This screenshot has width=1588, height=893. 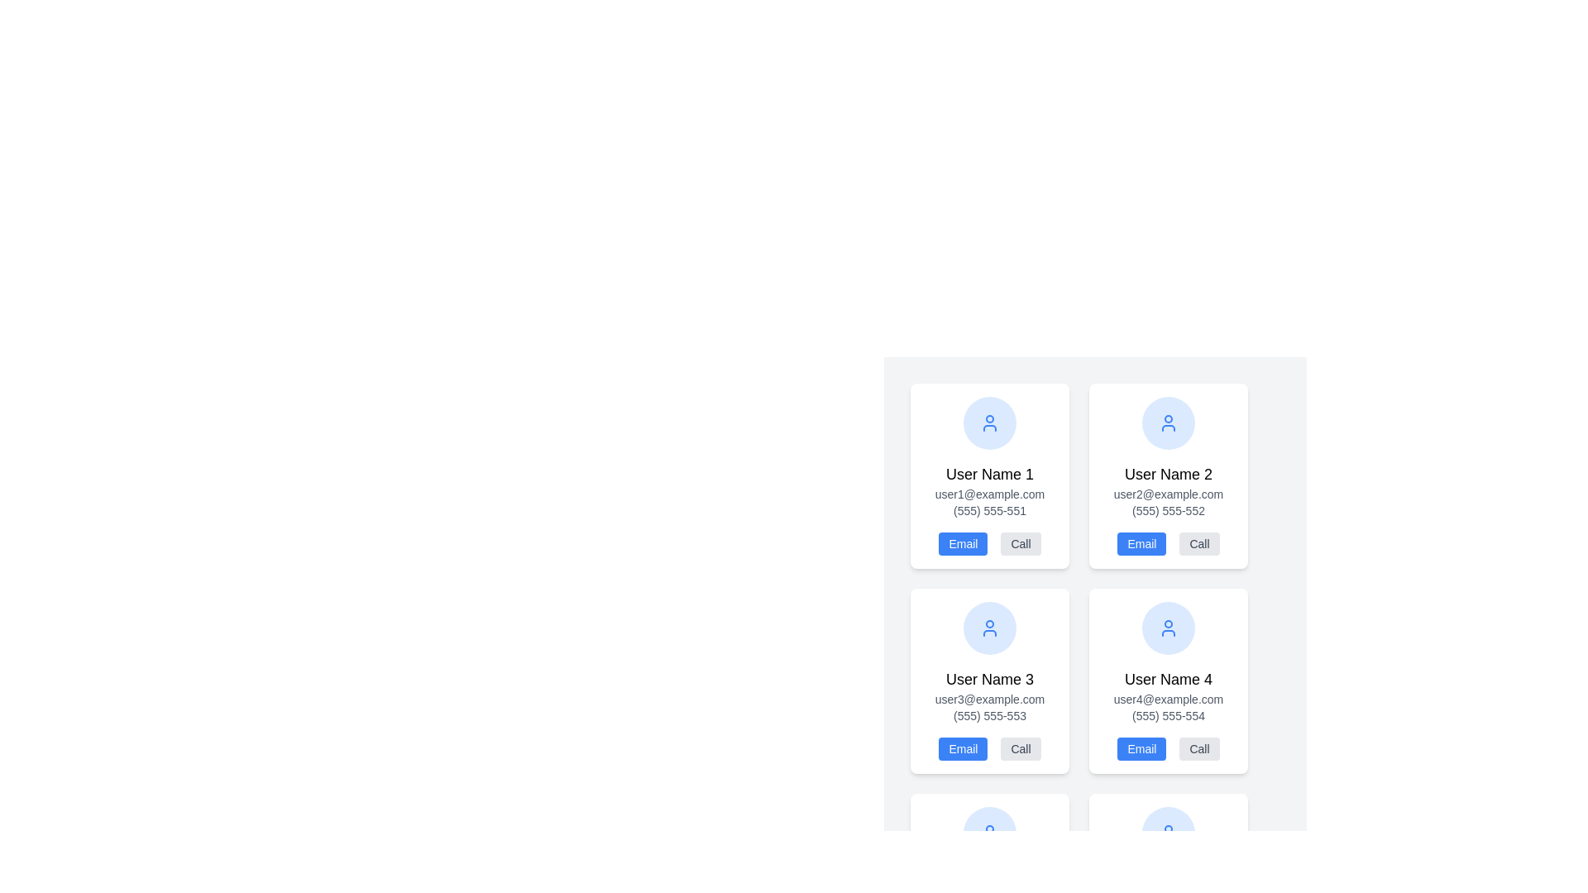 I want to click on the user profile icon located at the top center of the user card for 'User Name 1', which is positioned above the email and phone number fields, so click(x=989, y=423).